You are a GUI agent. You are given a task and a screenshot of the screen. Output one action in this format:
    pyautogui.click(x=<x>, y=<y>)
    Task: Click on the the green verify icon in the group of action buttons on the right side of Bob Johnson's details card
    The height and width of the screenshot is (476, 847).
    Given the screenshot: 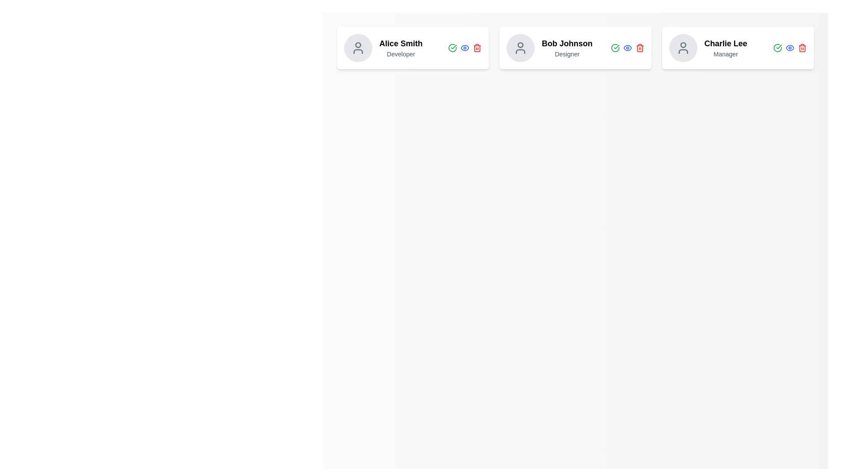 What is the action you would take?
    pyautogui.click(x=627, y=48)
    